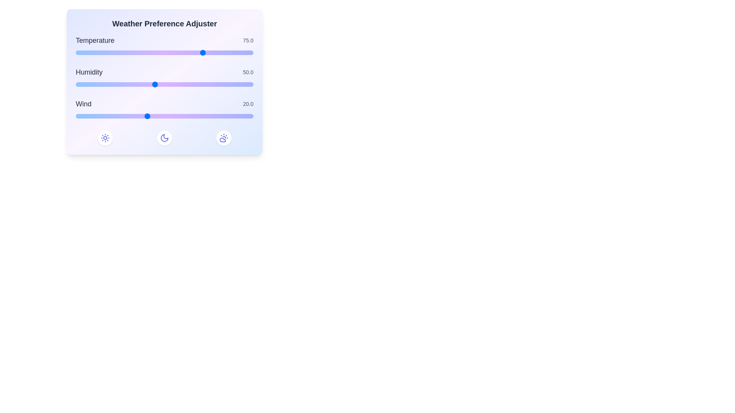 The image size is (735, 413). Describe the element at coordinates (111, 116) in the screenshot. I see `wind value` at that location.